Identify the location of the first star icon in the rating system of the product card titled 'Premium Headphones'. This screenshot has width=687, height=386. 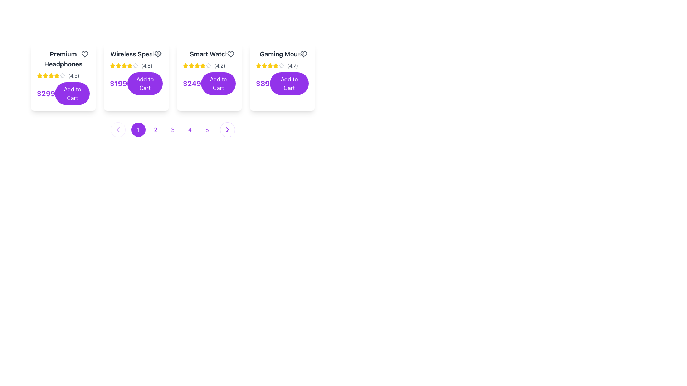
(51, 75).